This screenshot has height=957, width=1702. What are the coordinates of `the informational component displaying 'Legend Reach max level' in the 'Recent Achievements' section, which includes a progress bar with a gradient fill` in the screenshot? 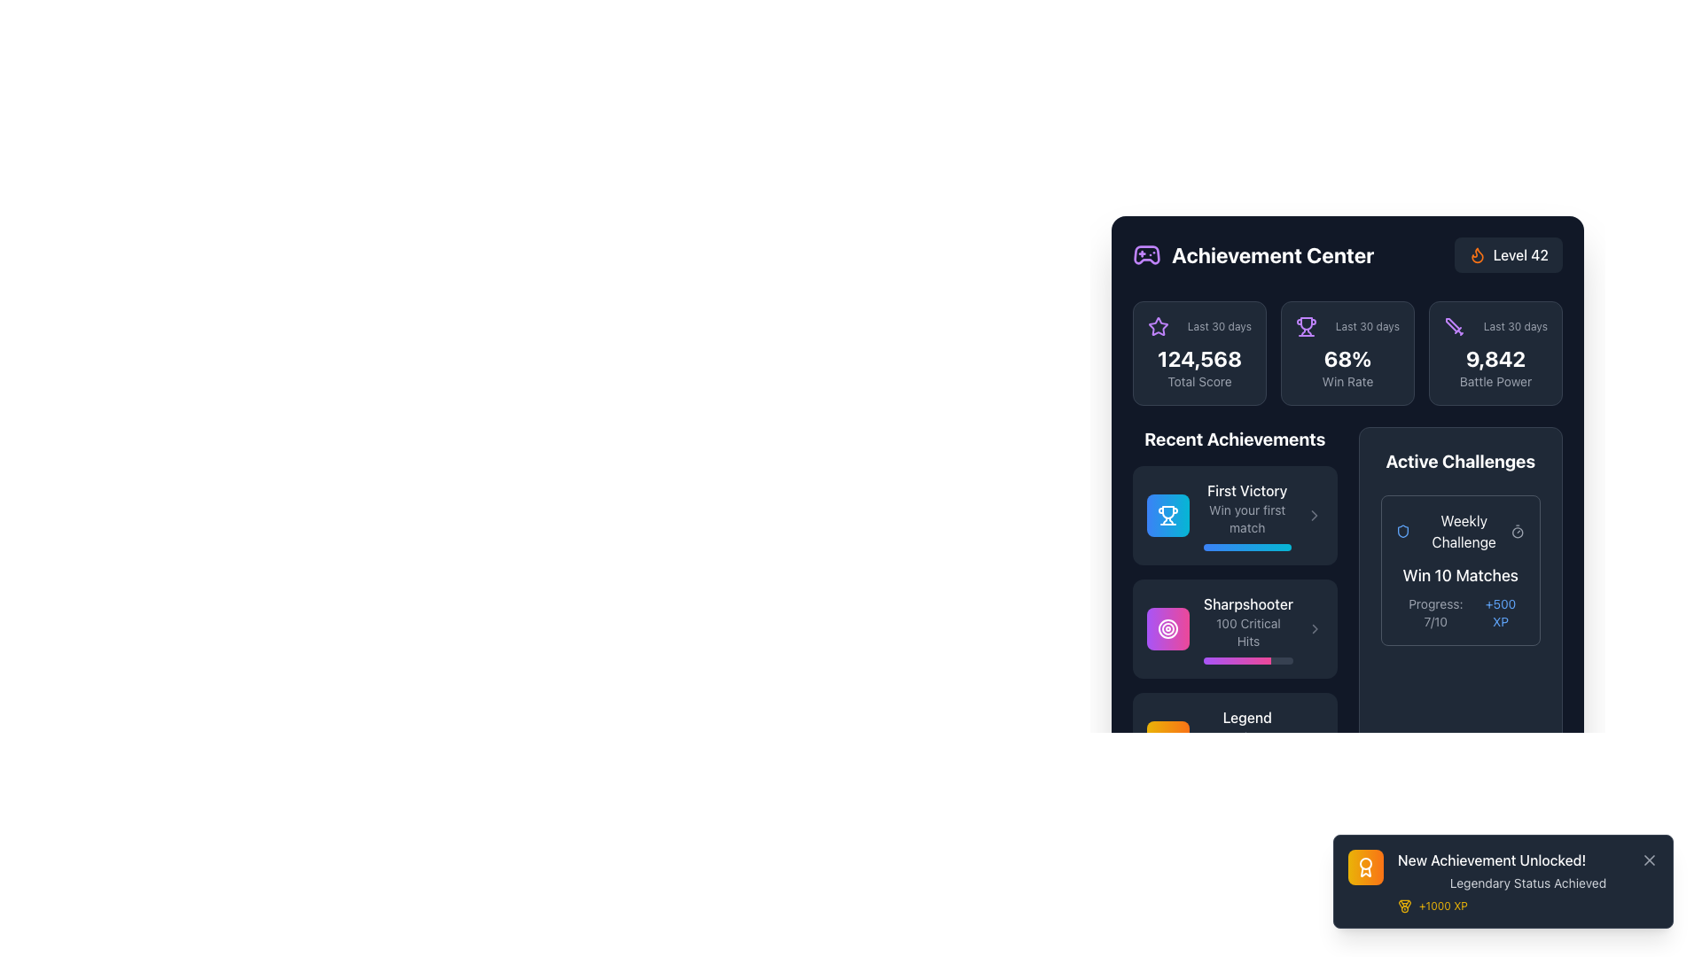 It's located at (1246, 742).